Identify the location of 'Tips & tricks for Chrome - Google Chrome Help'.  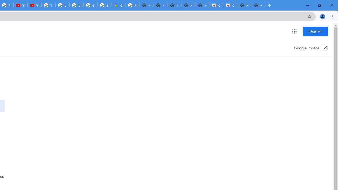
(48, 5).